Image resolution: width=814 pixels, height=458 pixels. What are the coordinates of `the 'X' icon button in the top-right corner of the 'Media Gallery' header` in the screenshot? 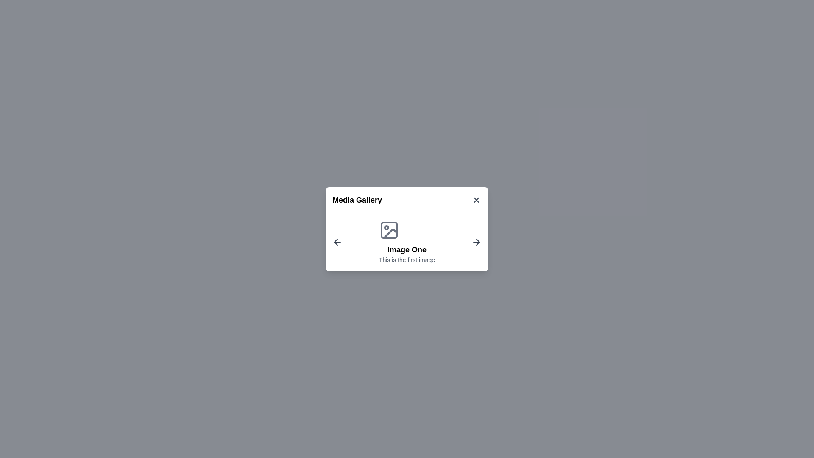 It's located at (476, 199).